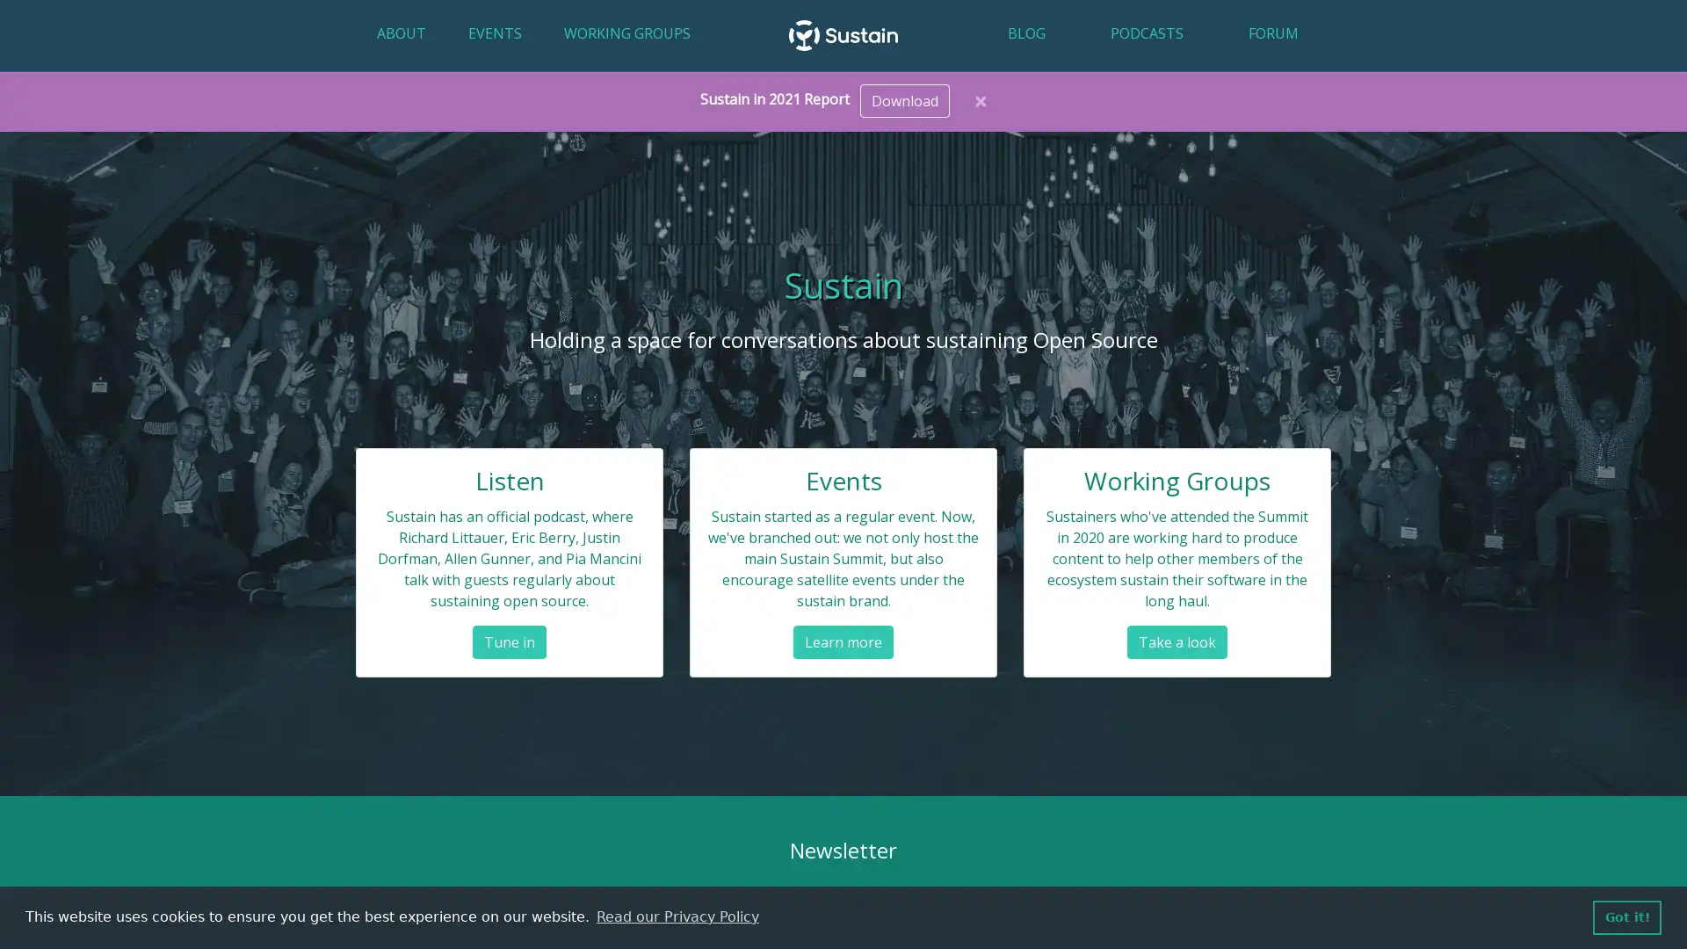 This screenshot has width=1687, height=949. I want to click on Close, so click(980, 101).